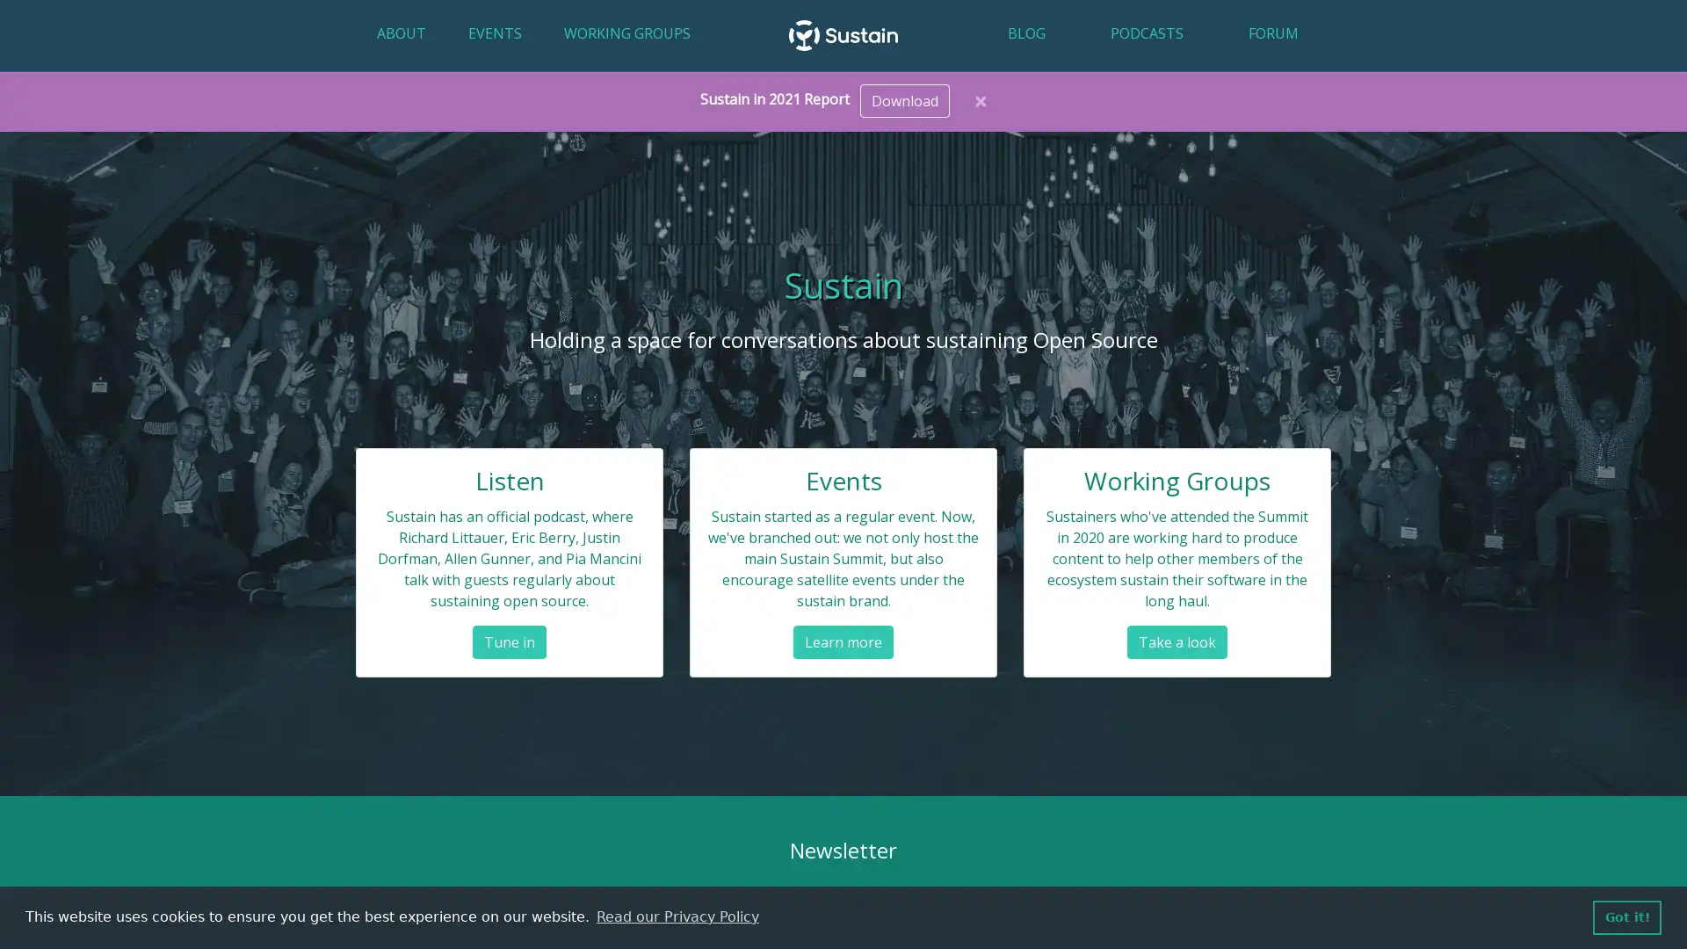 This screenshot has width=1687, height=949. I want to click on Close, so click(980, 101).